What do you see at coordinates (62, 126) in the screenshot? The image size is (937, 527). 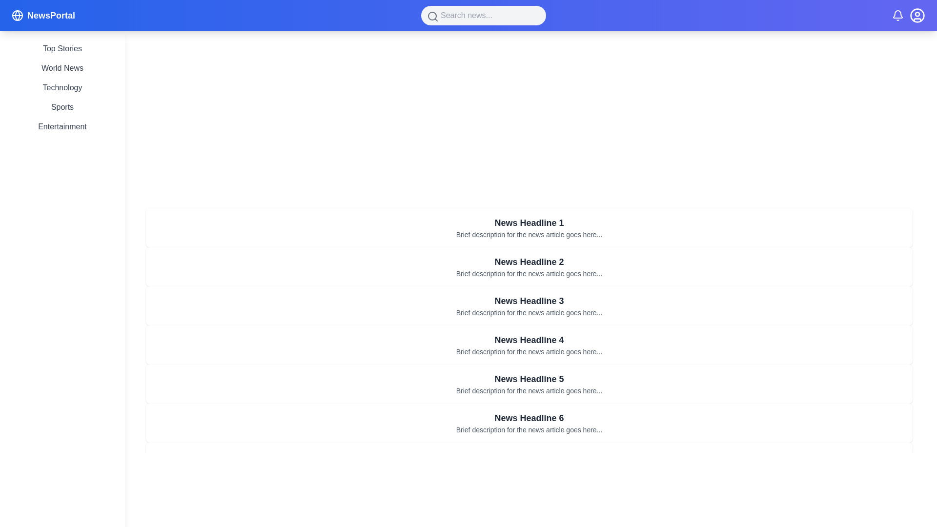 I see `the 'Entertainment' text link located at the bottom of the vertical list in the left sidebar of the interface` at bounding box center [62, 126].